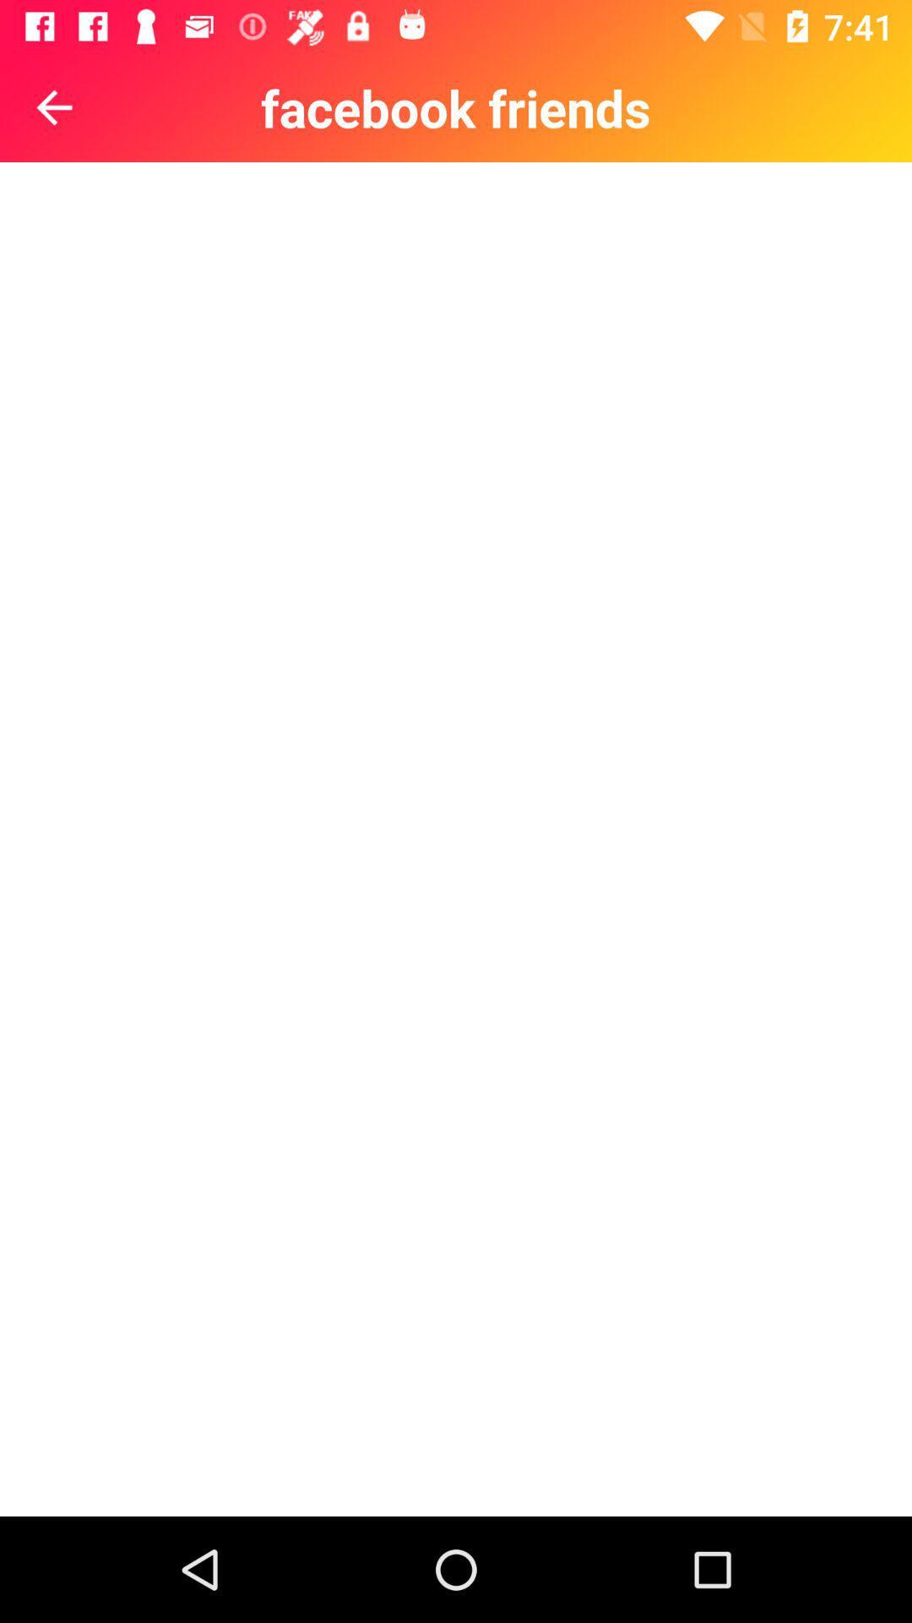 The image size is (912, 1623). I want to click on the item at the top left corner, so click(53, 107).